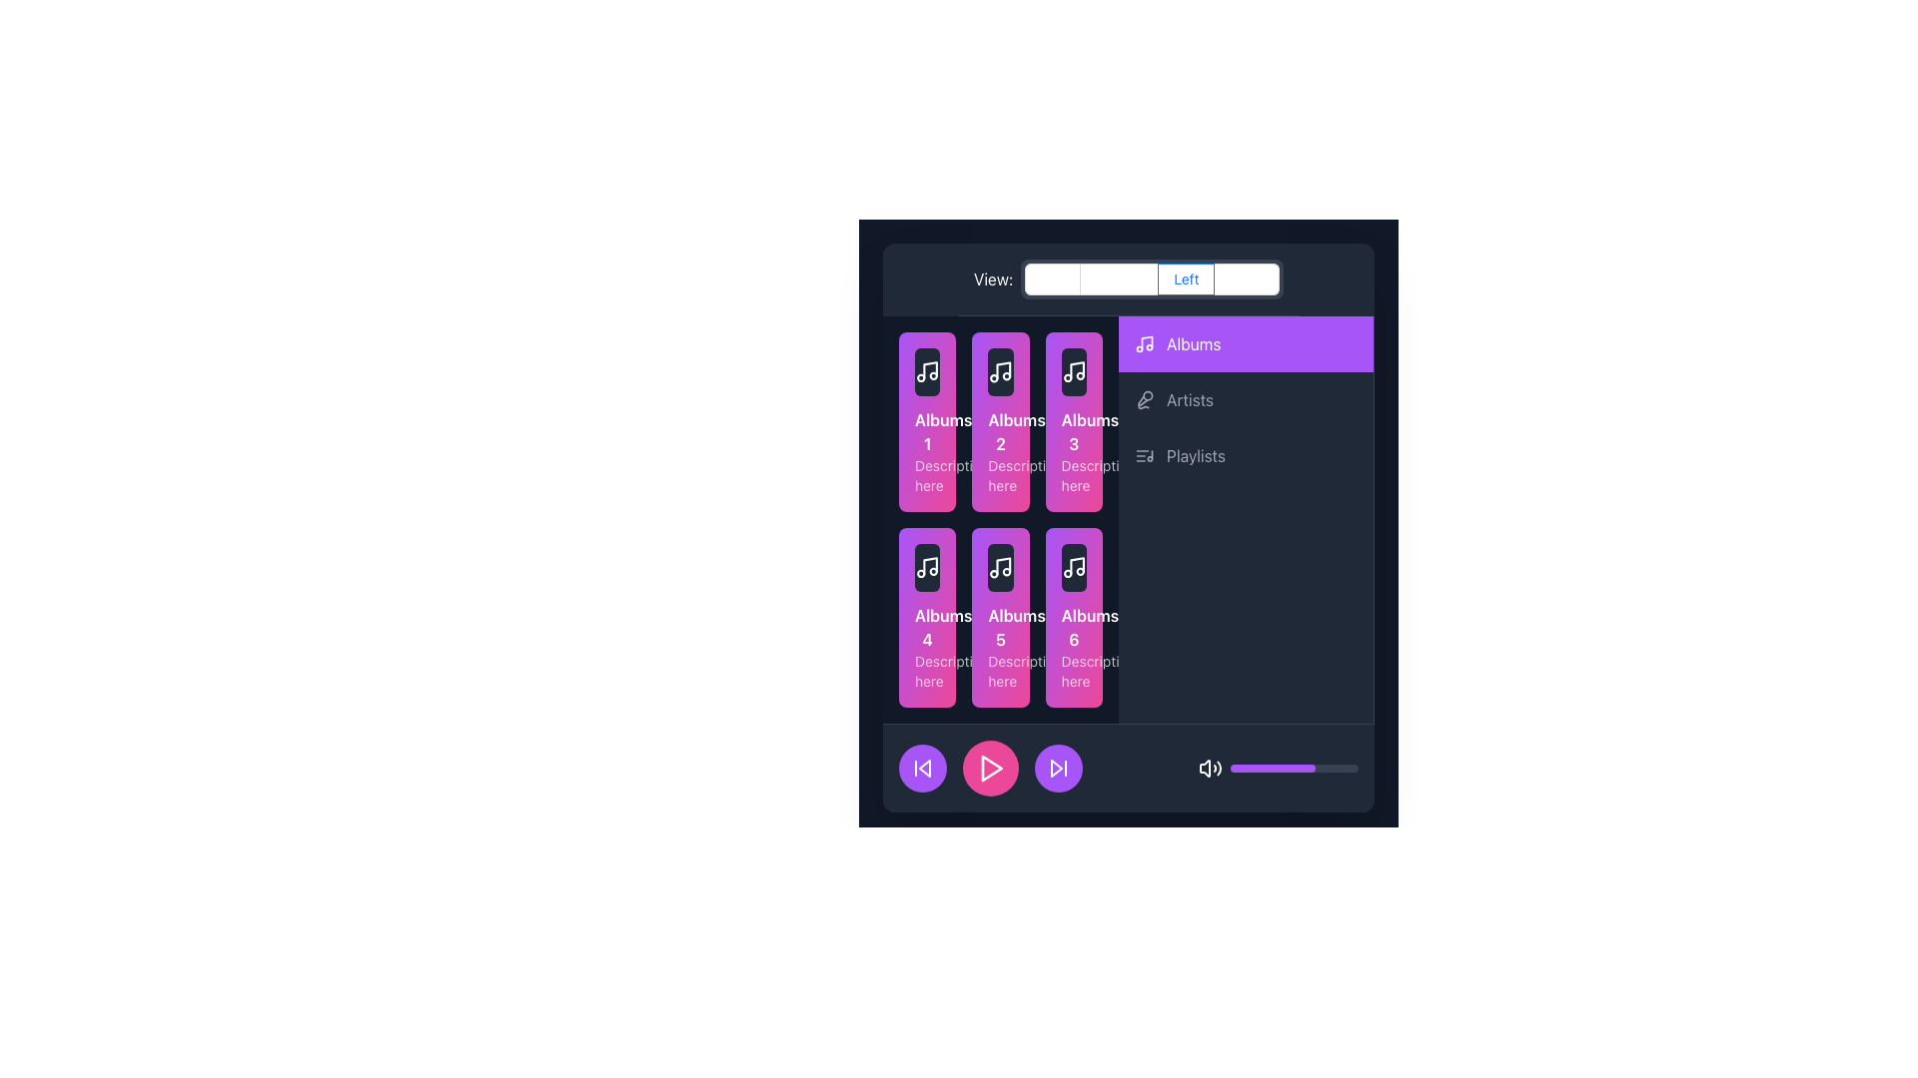 The image size is (1918, 1078). I want to click on the progress bar for audio volume by dragging it to adjust the volume level, so click(1295, 768).